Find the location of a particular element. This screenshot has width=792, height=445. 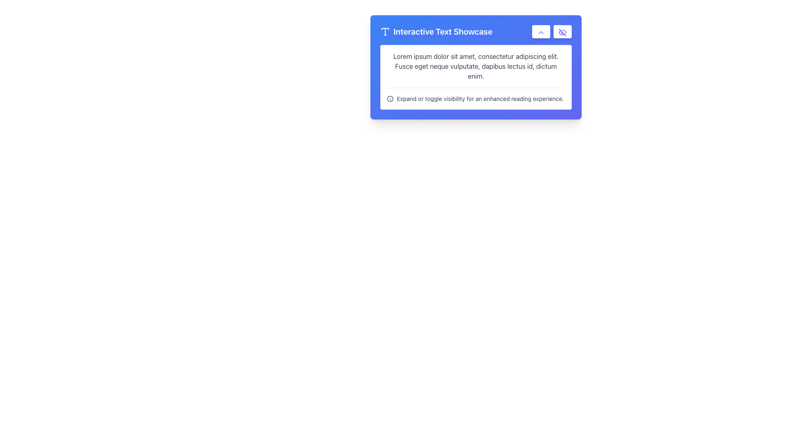

the button with an eye icon and a strike-through effect located at the top-right corner of the blue card interface is located at coordinates (562, 31).